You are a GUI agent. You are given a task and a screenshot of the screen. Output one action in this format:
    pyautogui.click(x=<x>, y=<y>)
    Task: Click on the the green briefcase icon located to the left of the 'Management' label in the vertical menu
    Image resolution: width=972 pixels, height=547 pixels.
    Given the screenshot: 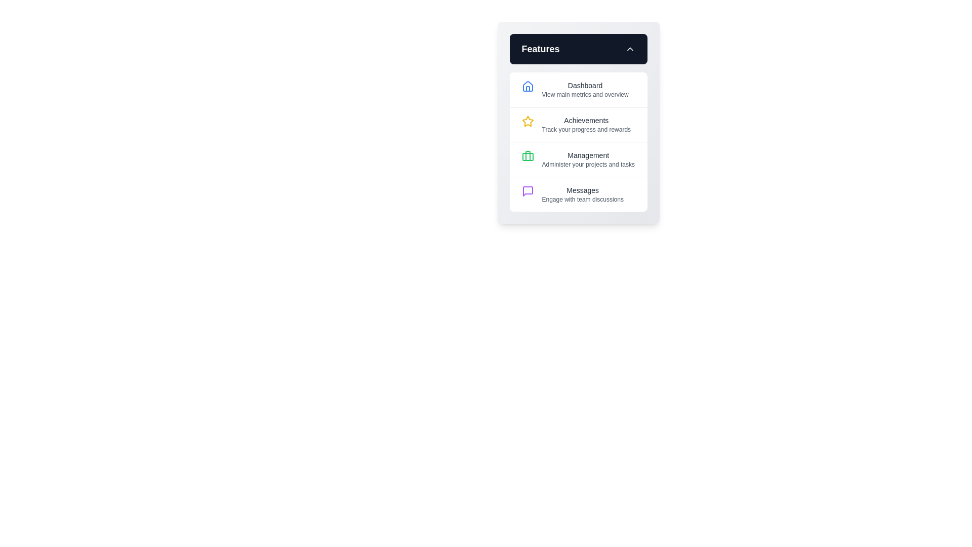 What is the action you would take?
    pyautogui.click(x=527, y=156)
    